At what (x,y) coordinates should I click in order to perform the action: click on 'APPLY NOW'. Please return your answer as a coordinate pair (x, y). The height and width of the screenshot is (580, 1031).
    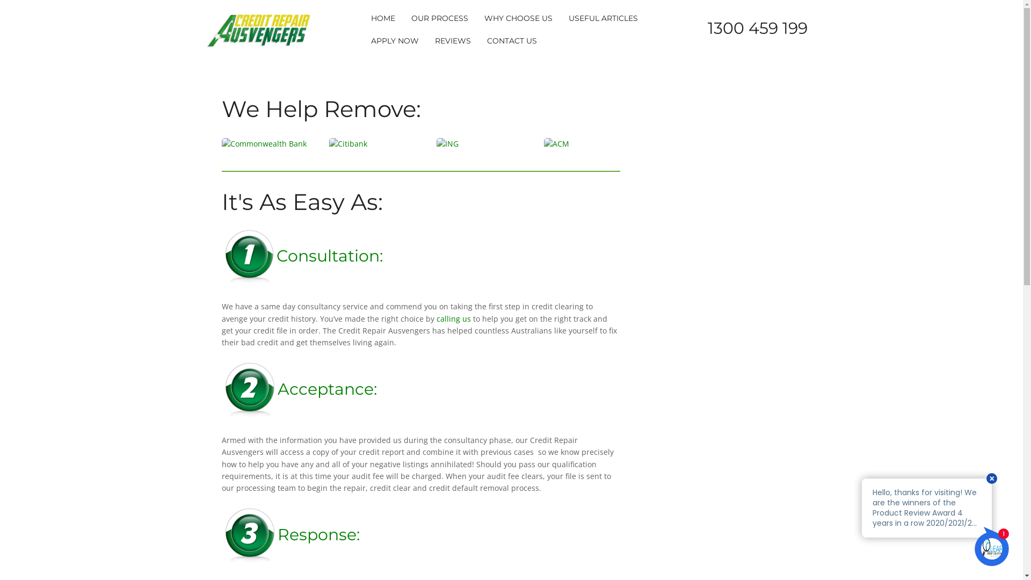
    Looking at the image, I should click on (394, 40).